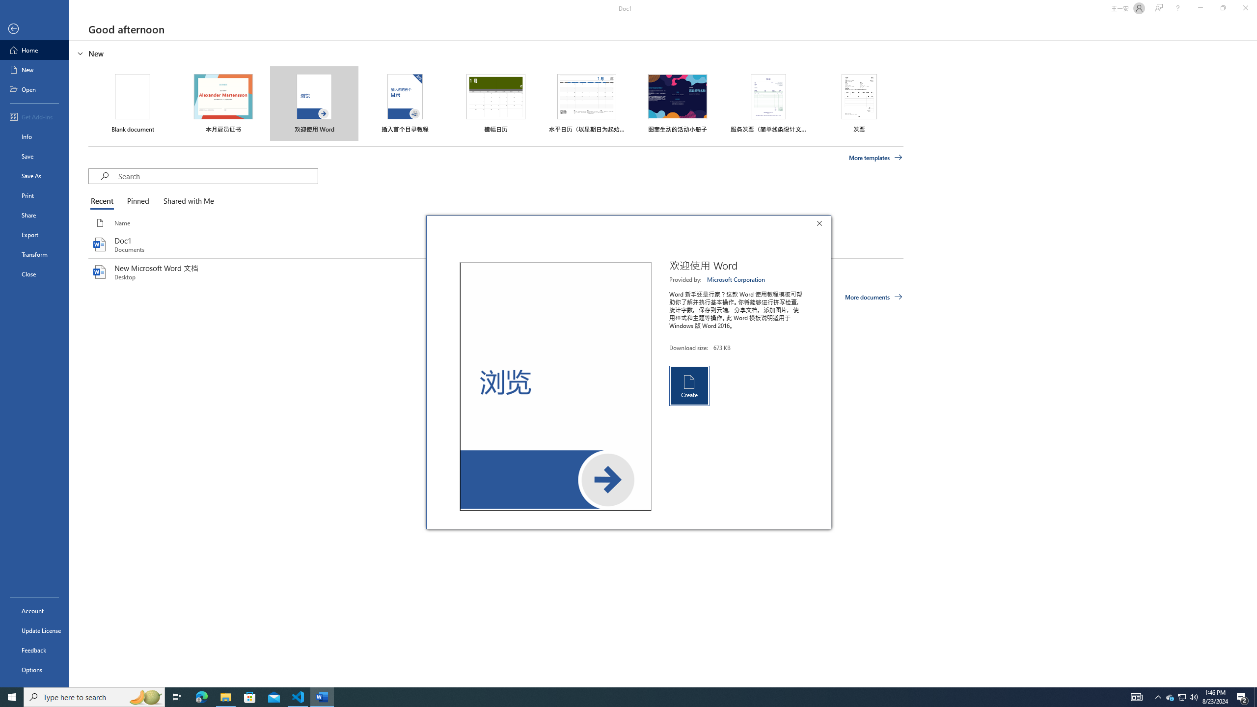 This screenshot has width=1257, height=707. I want to click on 'Export', so click(34, 235).